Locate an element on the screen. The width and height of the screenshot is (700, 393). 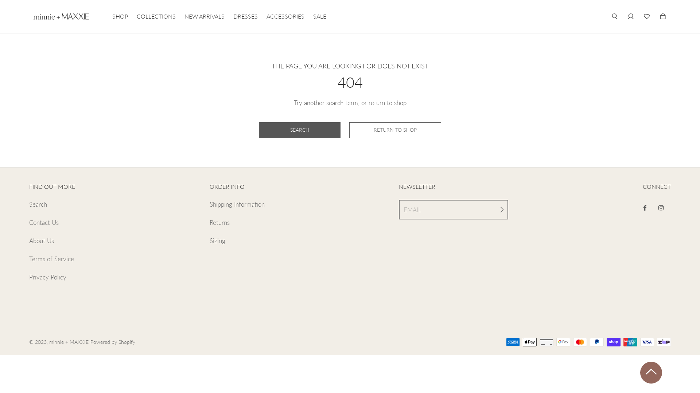
'Contact Us' is located at coordinates (43, 222).